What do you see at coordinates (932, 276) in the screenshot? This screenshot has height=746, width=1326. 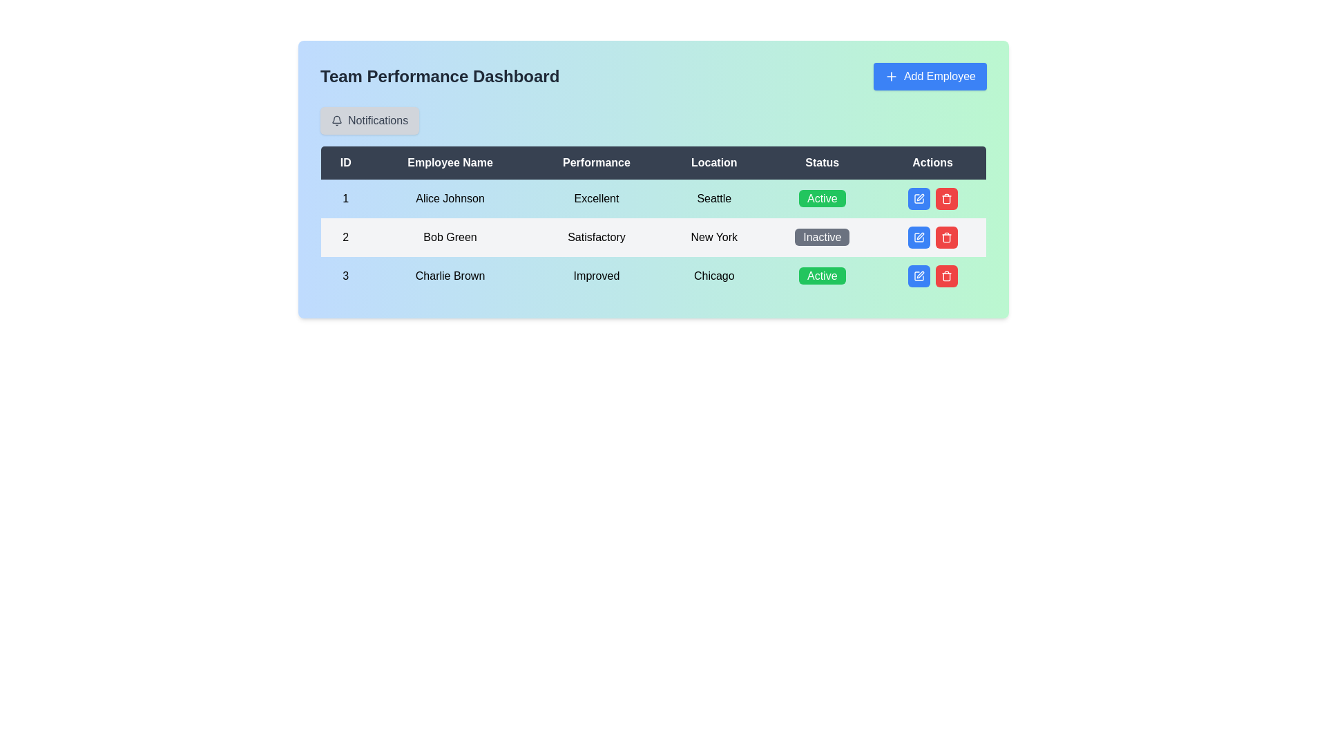 I see `the red delete button located in the last row of the 'Team Performance Dashboard' table, under the 'Actions' column` at bounding box center [932, 276].